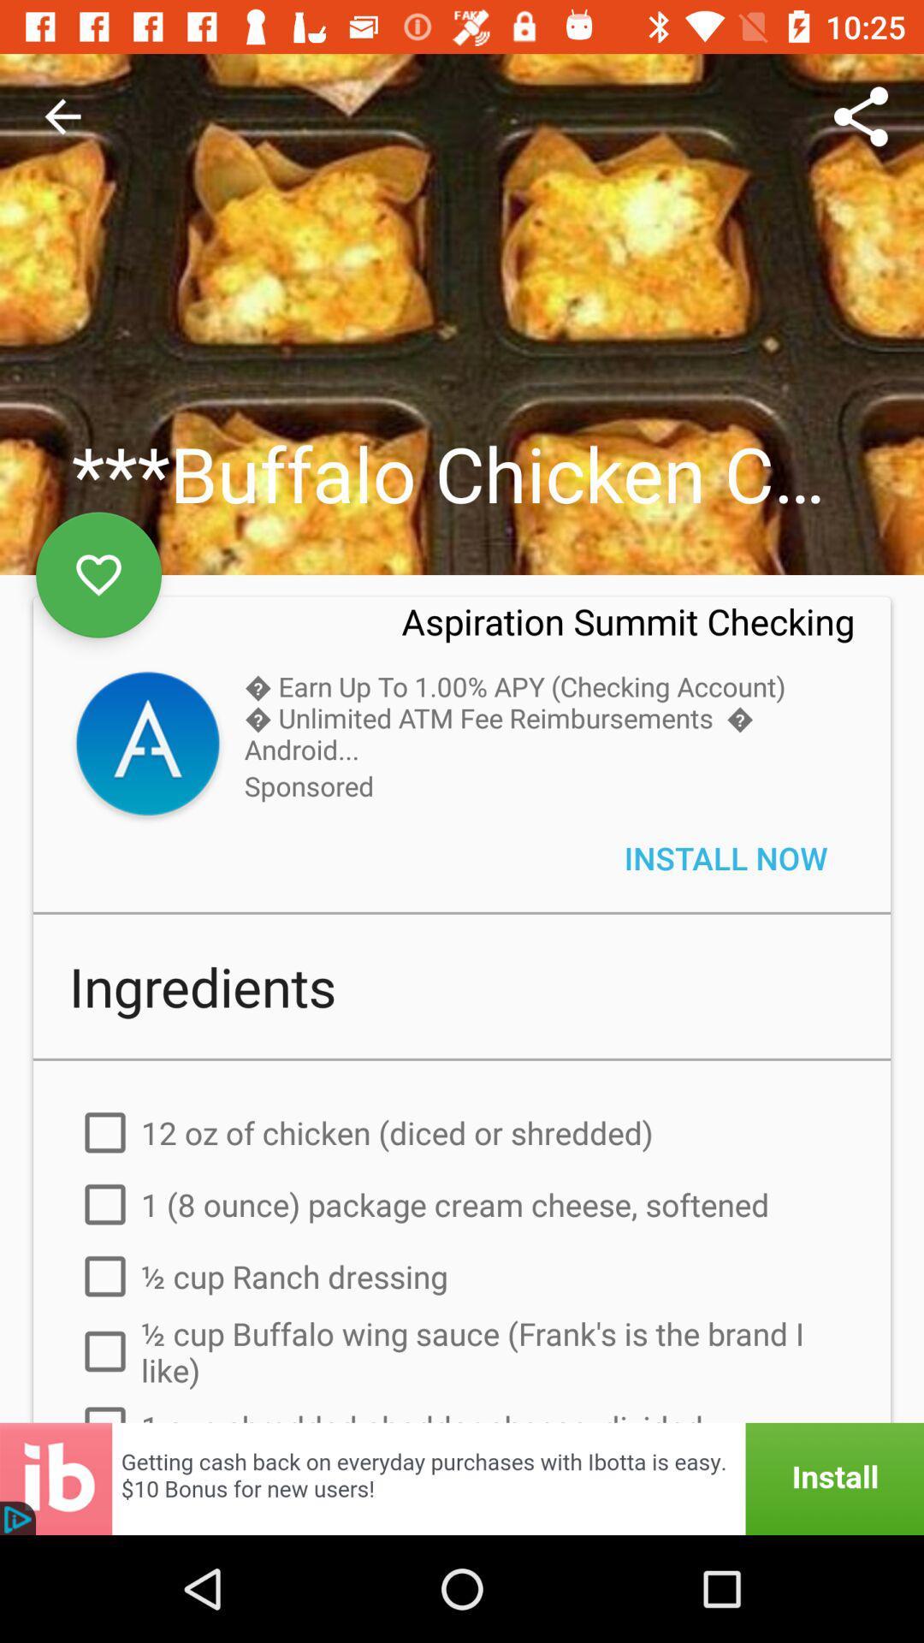 The height and width of the screenshot is (1643, 924). What do you see at coordinates (462, 1478) in the screenshot?
I see `open advertisement` at bounding box center [462, 1478].